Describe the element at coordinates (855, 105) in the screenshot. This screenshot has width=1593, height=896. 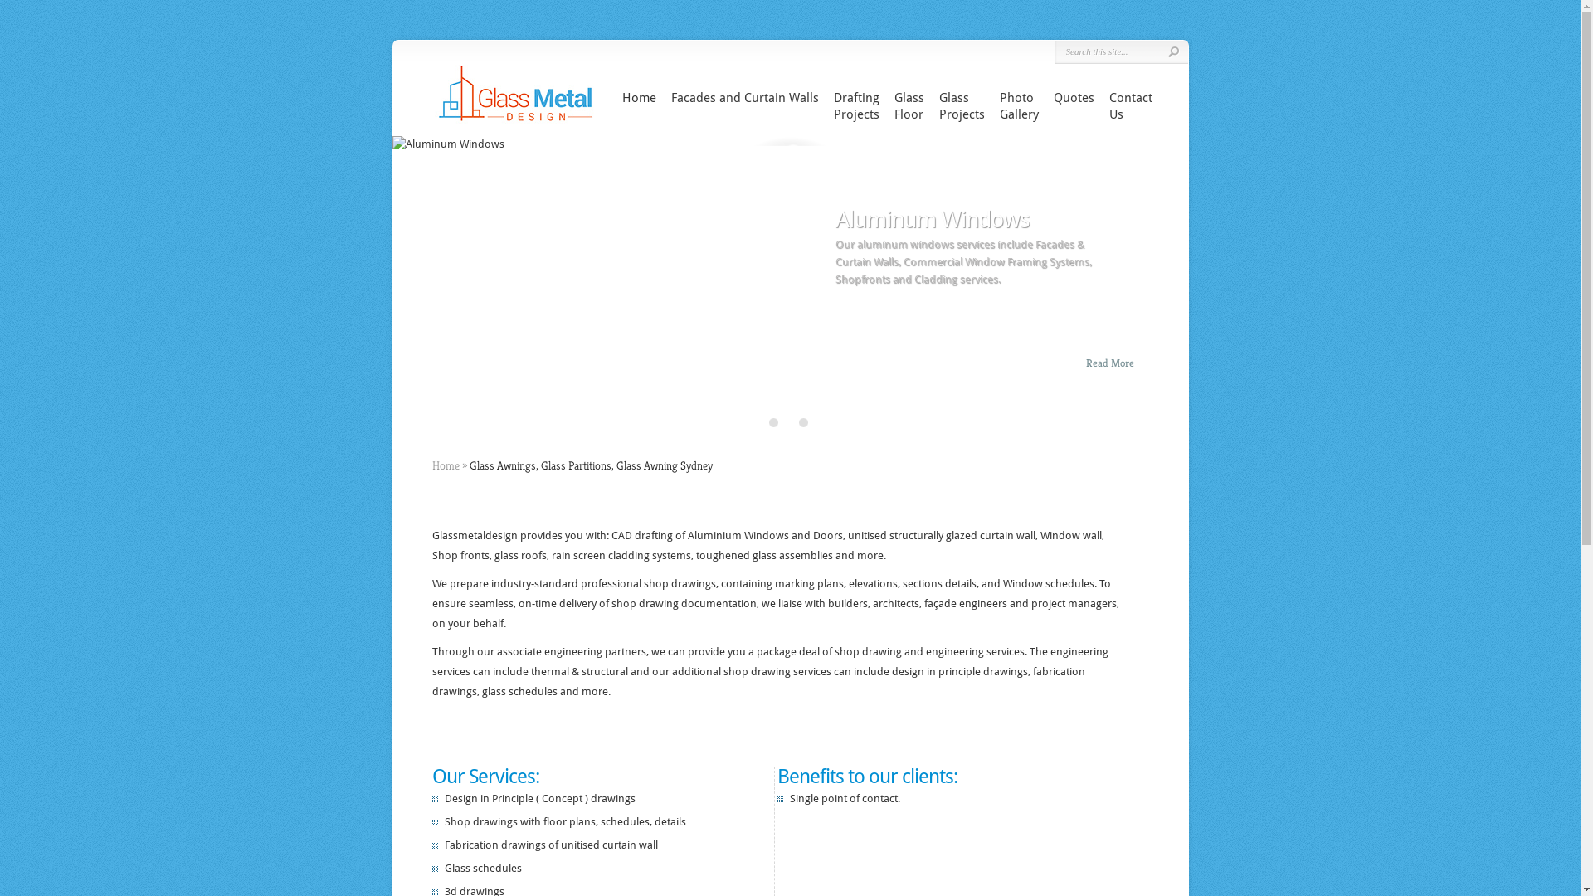
I see `'Drafting` at that location.